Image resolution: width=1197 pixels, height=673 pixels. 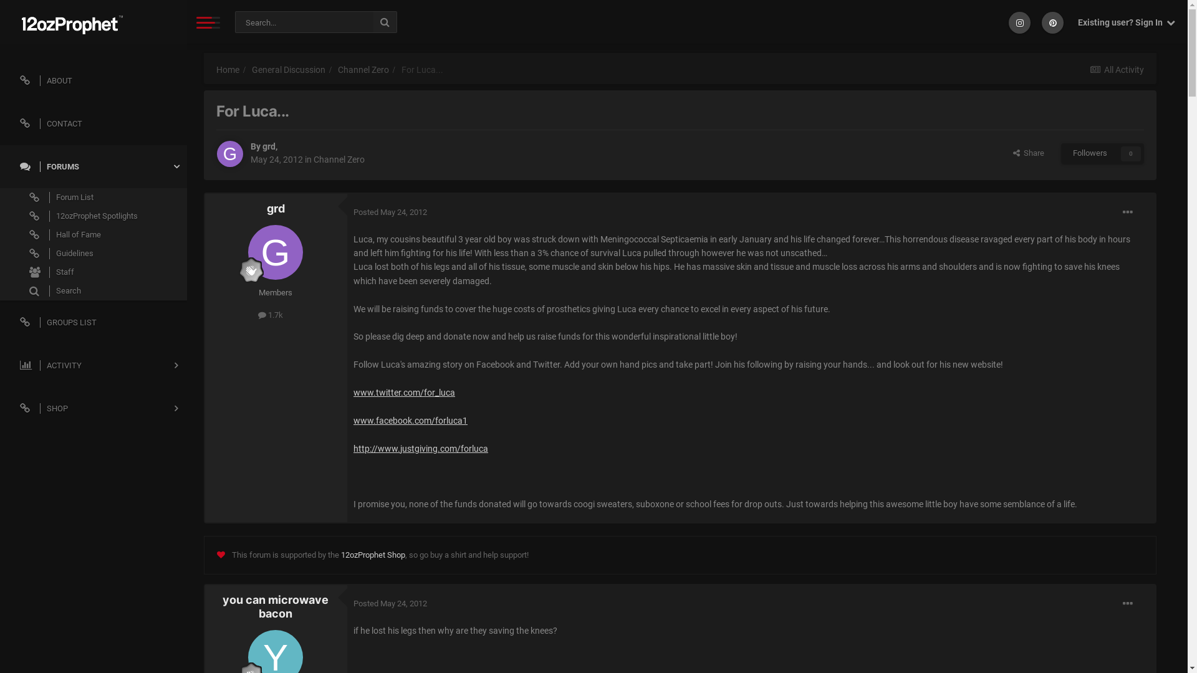 I want to click on 'Existing user? Sign In  ', so click(x=1126, y=22).